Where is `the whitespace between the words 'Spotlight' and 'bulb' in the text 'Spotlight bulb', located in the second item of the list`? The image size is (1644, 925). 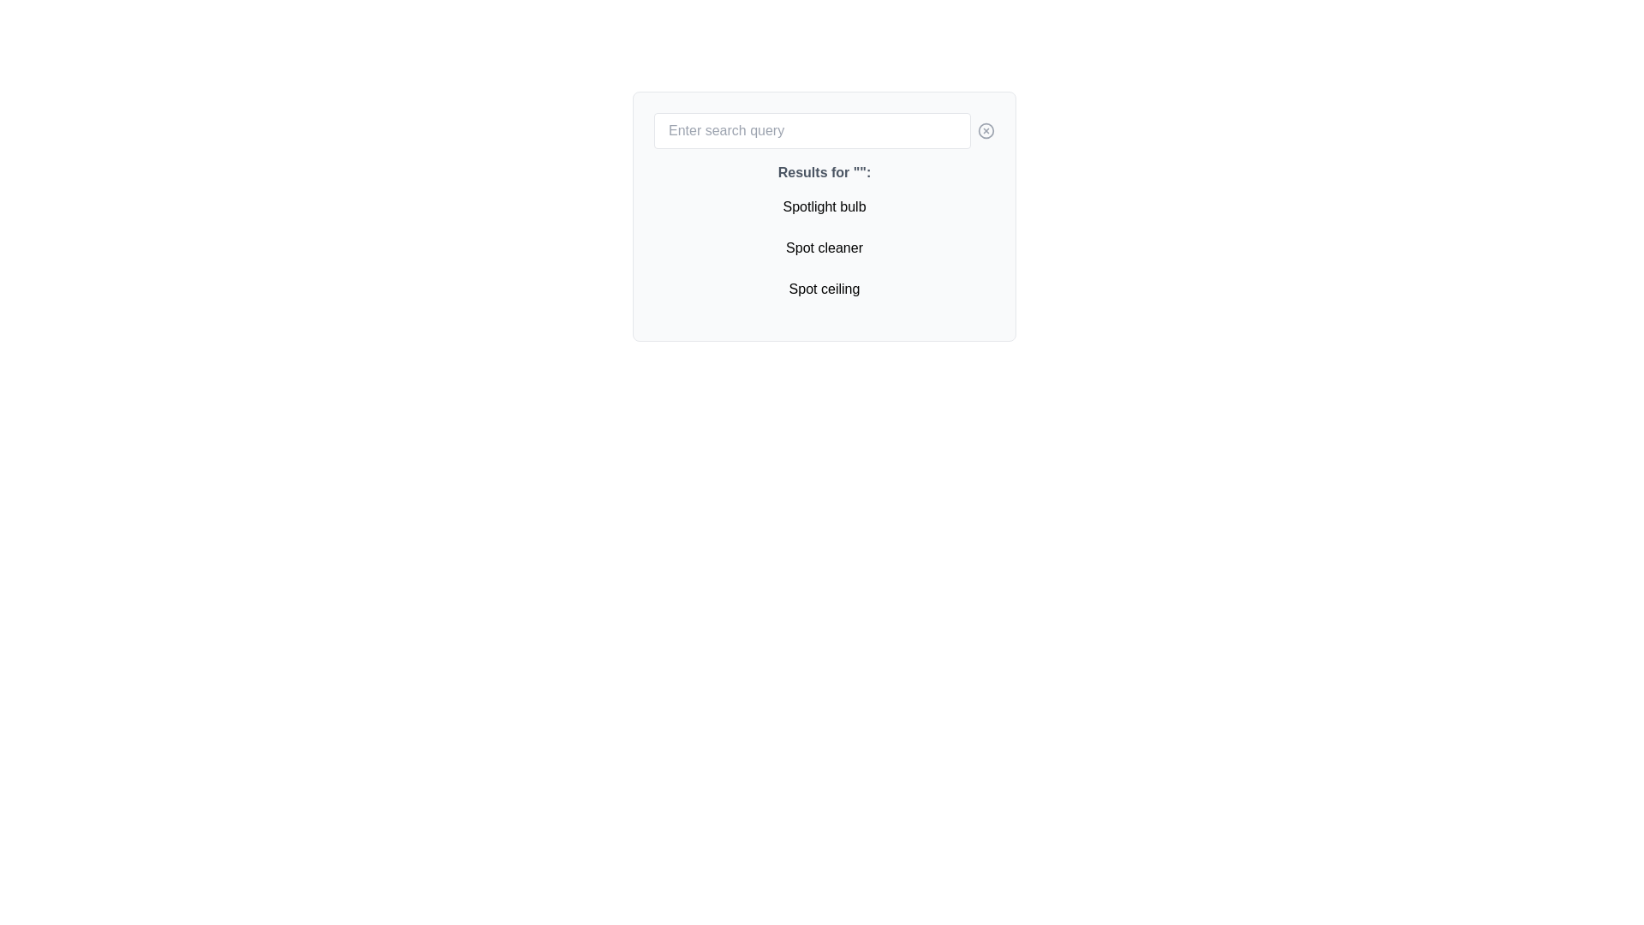
the whitespace between the words 'Spotlight' and 'bulb' in the text 'Spotlight bulb', located in the second item of the list is located at coordinates (838, 206).